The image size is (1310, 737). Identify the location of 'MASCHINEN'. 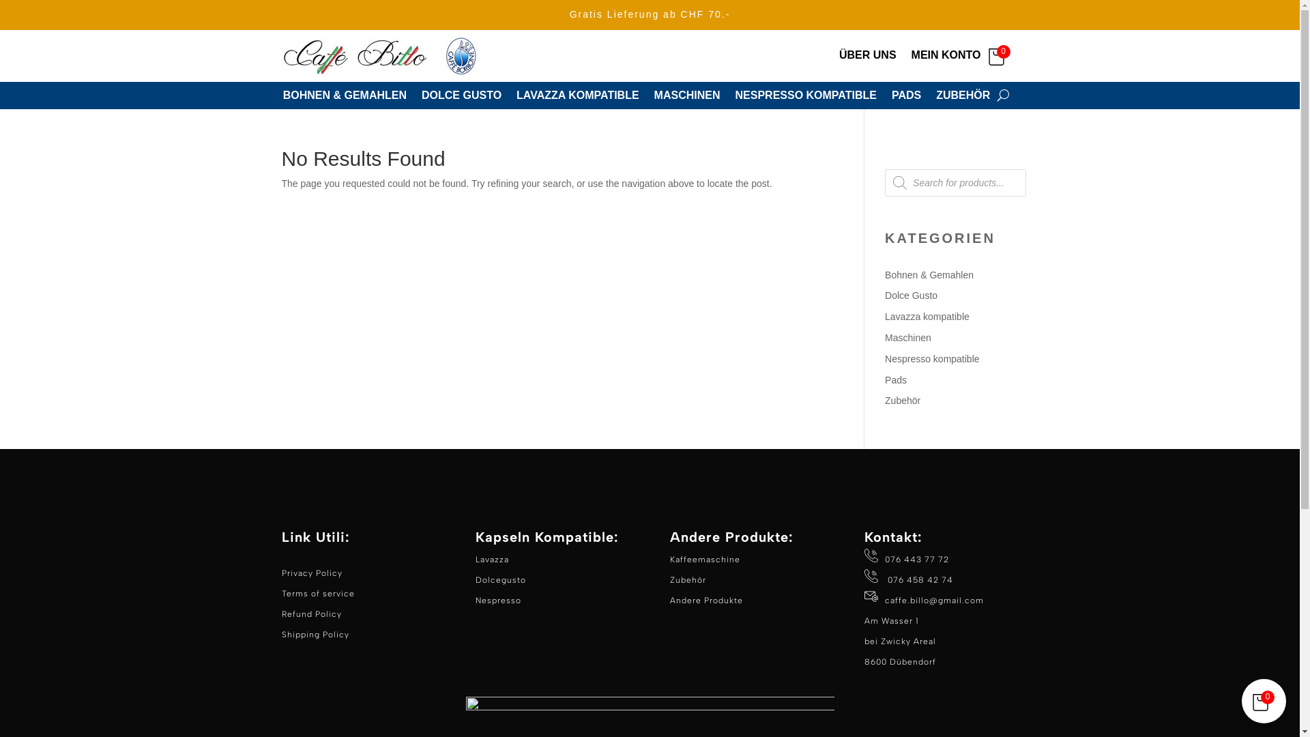
(687, 97).